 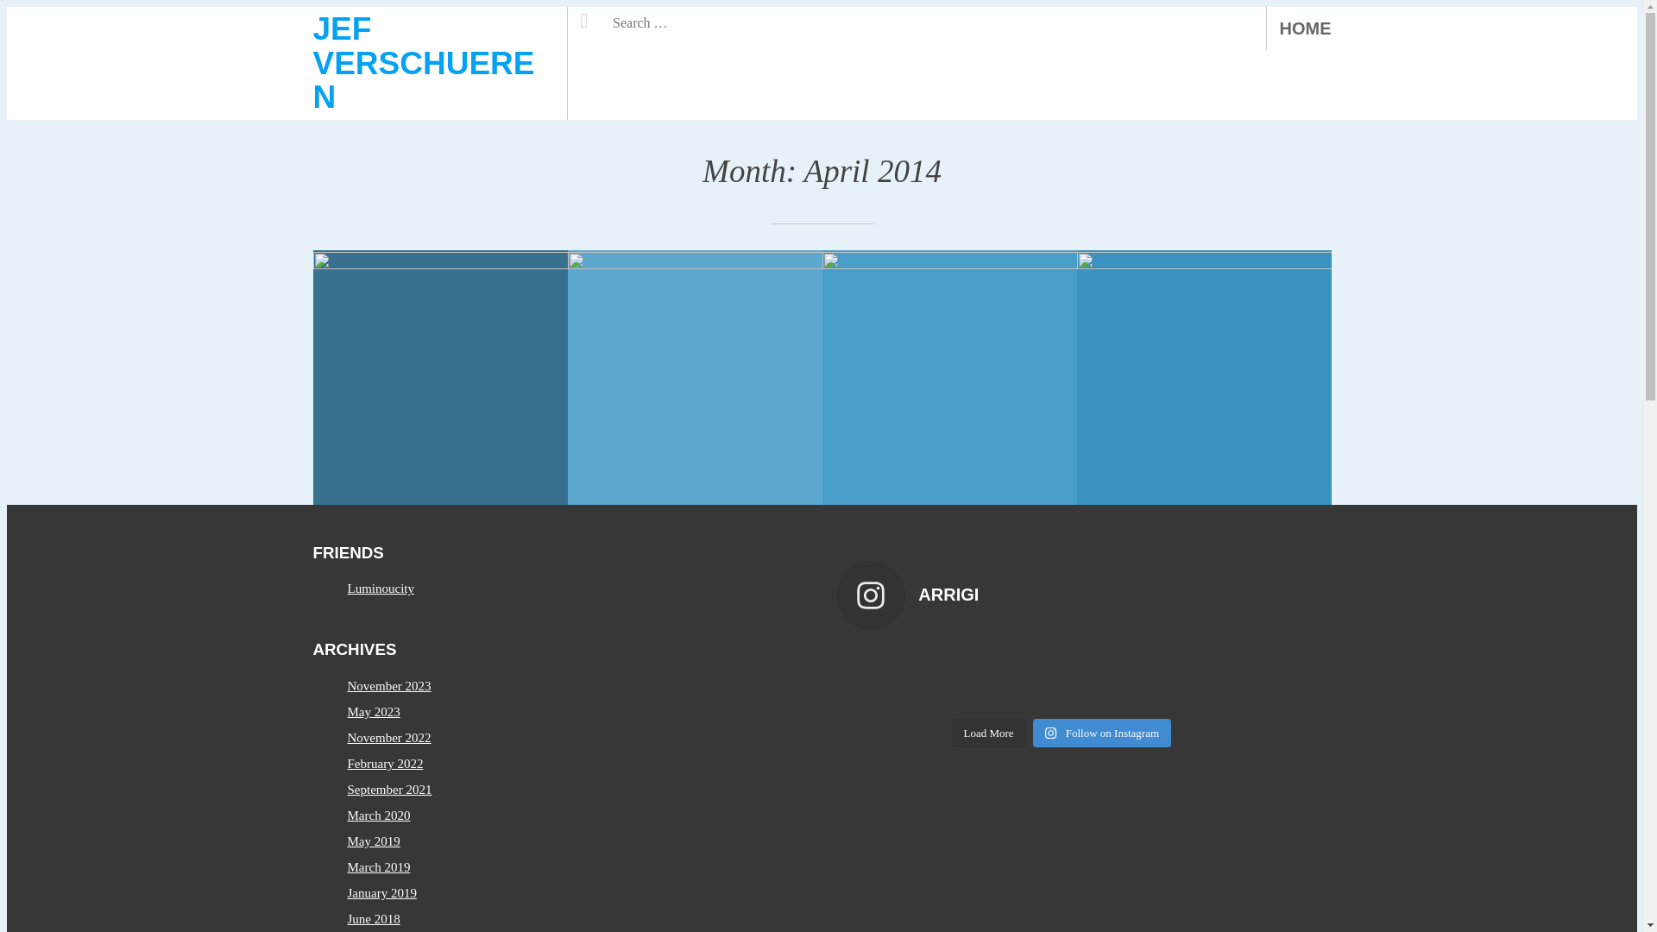 What do you see at coordinates (372, 841) in the screenshot?
I see `'May 2019'` at bounding box center [372, 841].